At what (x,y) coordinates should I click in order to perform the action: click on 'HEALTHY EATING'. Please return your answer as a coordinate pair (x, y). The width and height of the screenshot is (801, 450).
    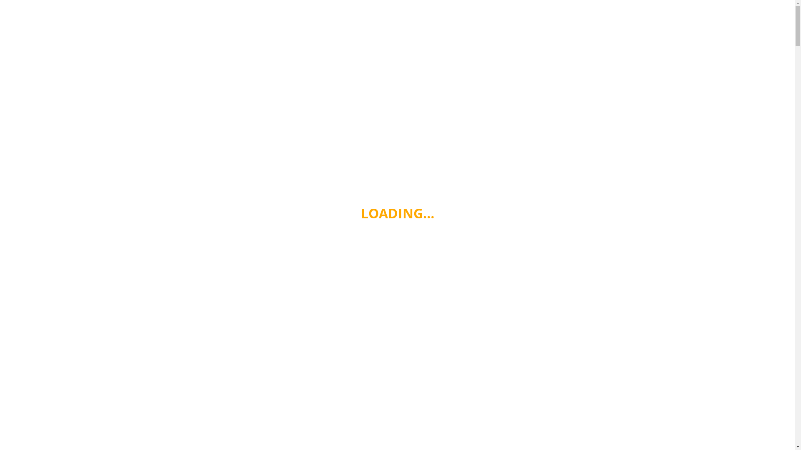
    Looking at the image, I should click on (380, 11).